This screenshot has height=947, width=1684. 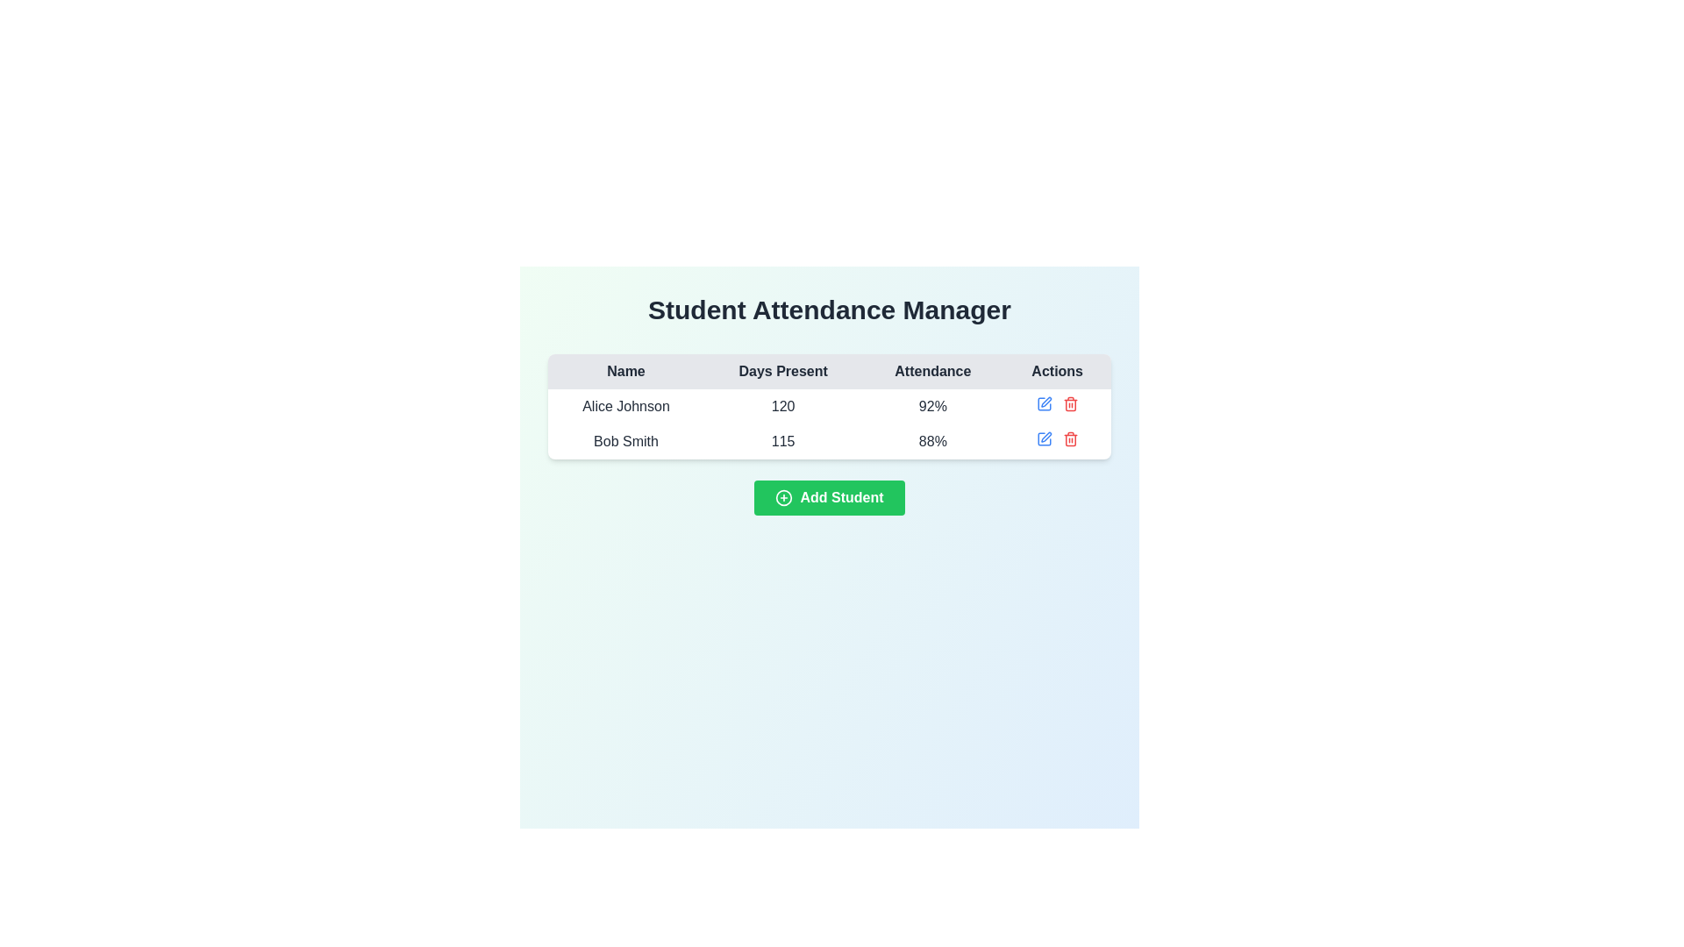 I want to click on the graphical circle (SVG component) within the 'Add Student' button, which symbolizes adding or creating an entry, so click(x=783, y=497).